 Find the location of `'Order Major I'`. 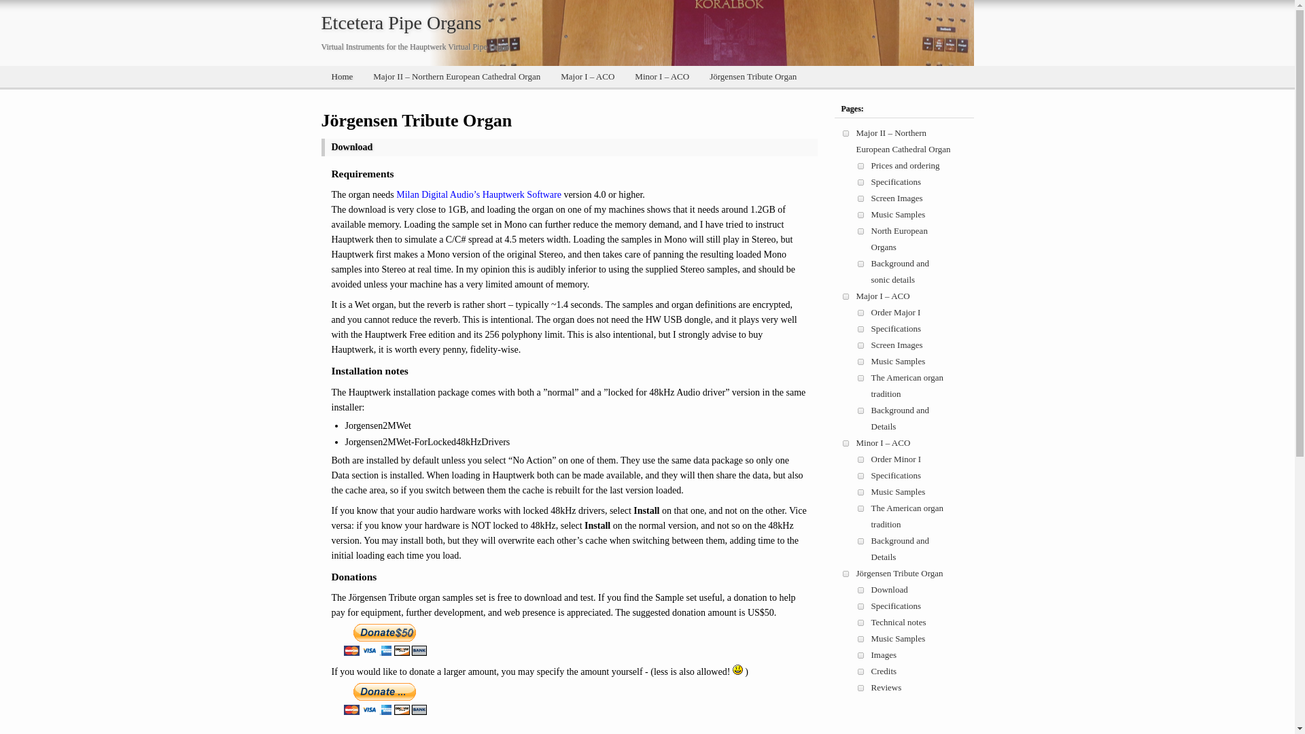

'Order Major I' is located at coordinates (896, 312).